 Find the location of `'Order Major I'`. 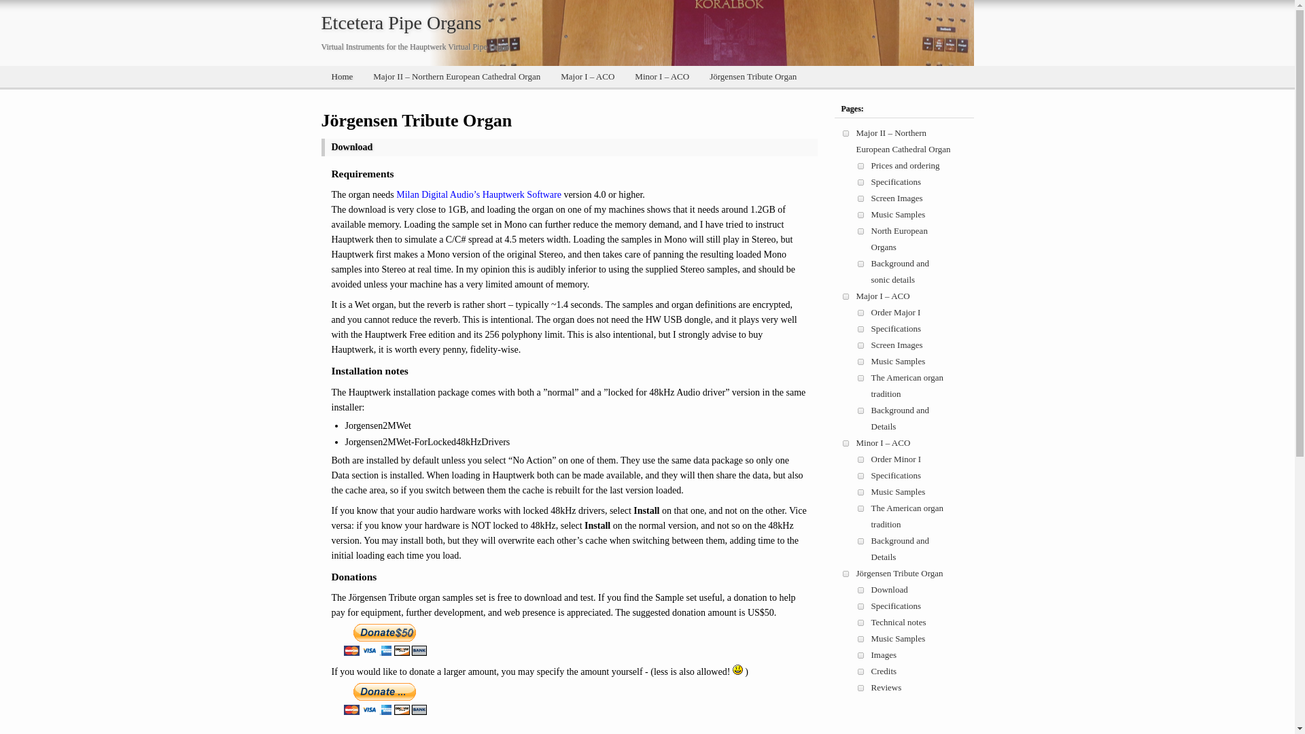

'Order Major I' is located at coordinates (896, 312).